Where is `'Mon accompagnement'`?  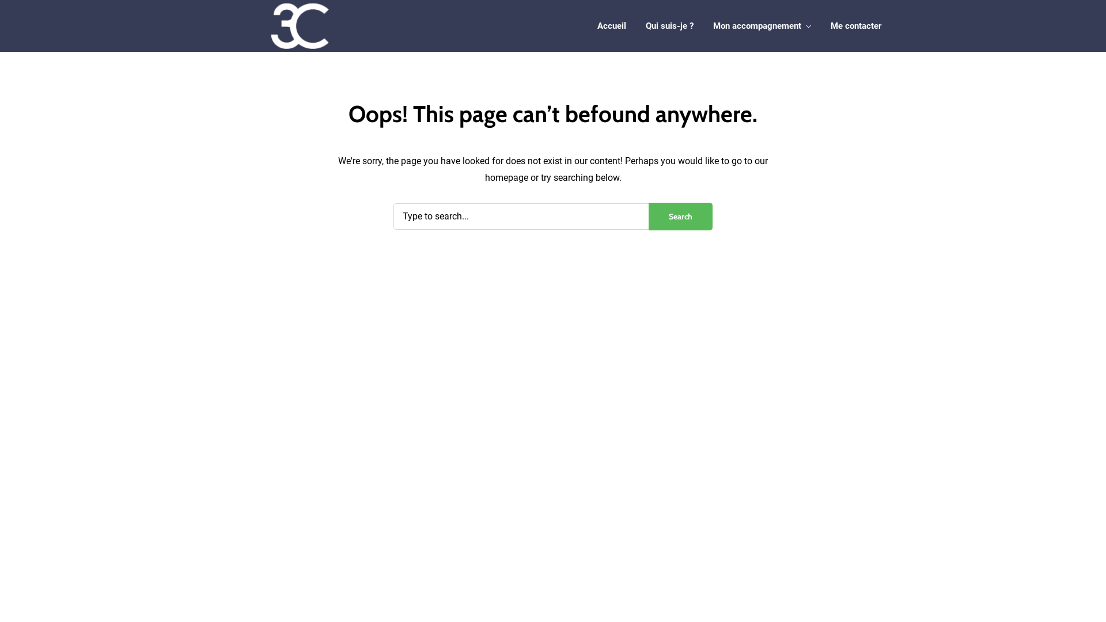 'Mon accompagnement' is located at coordinates (713, 26).